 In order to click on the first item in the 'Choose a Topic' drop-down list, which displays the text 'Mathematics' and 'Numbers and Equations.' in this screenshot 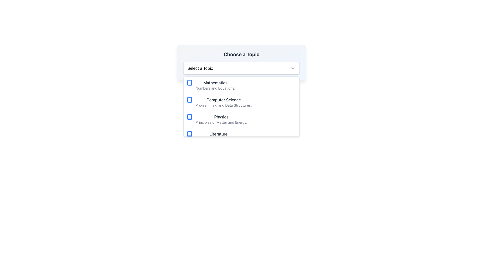, I will do `click(215, 85)`.